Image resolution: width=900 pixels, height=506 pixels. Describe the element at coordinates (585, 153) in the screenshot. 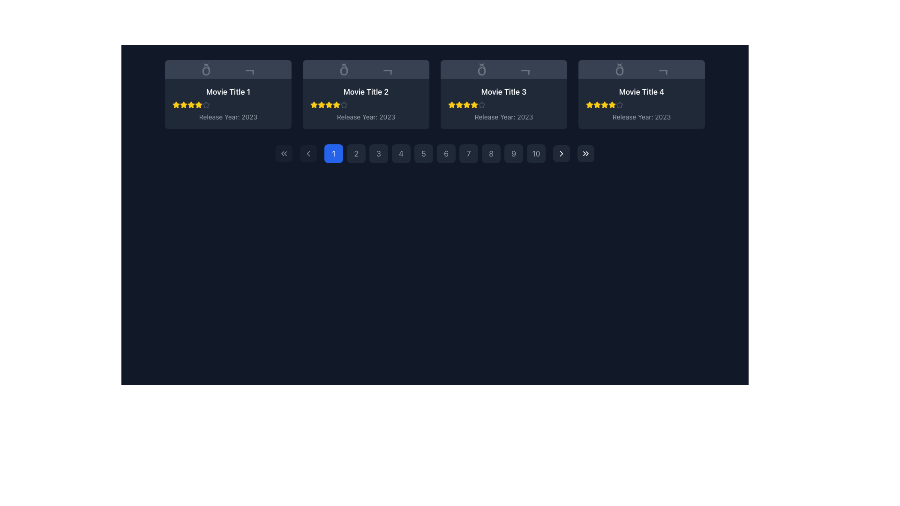

I see `the right-pointing double-chevron button with a dark gray background` at that location.